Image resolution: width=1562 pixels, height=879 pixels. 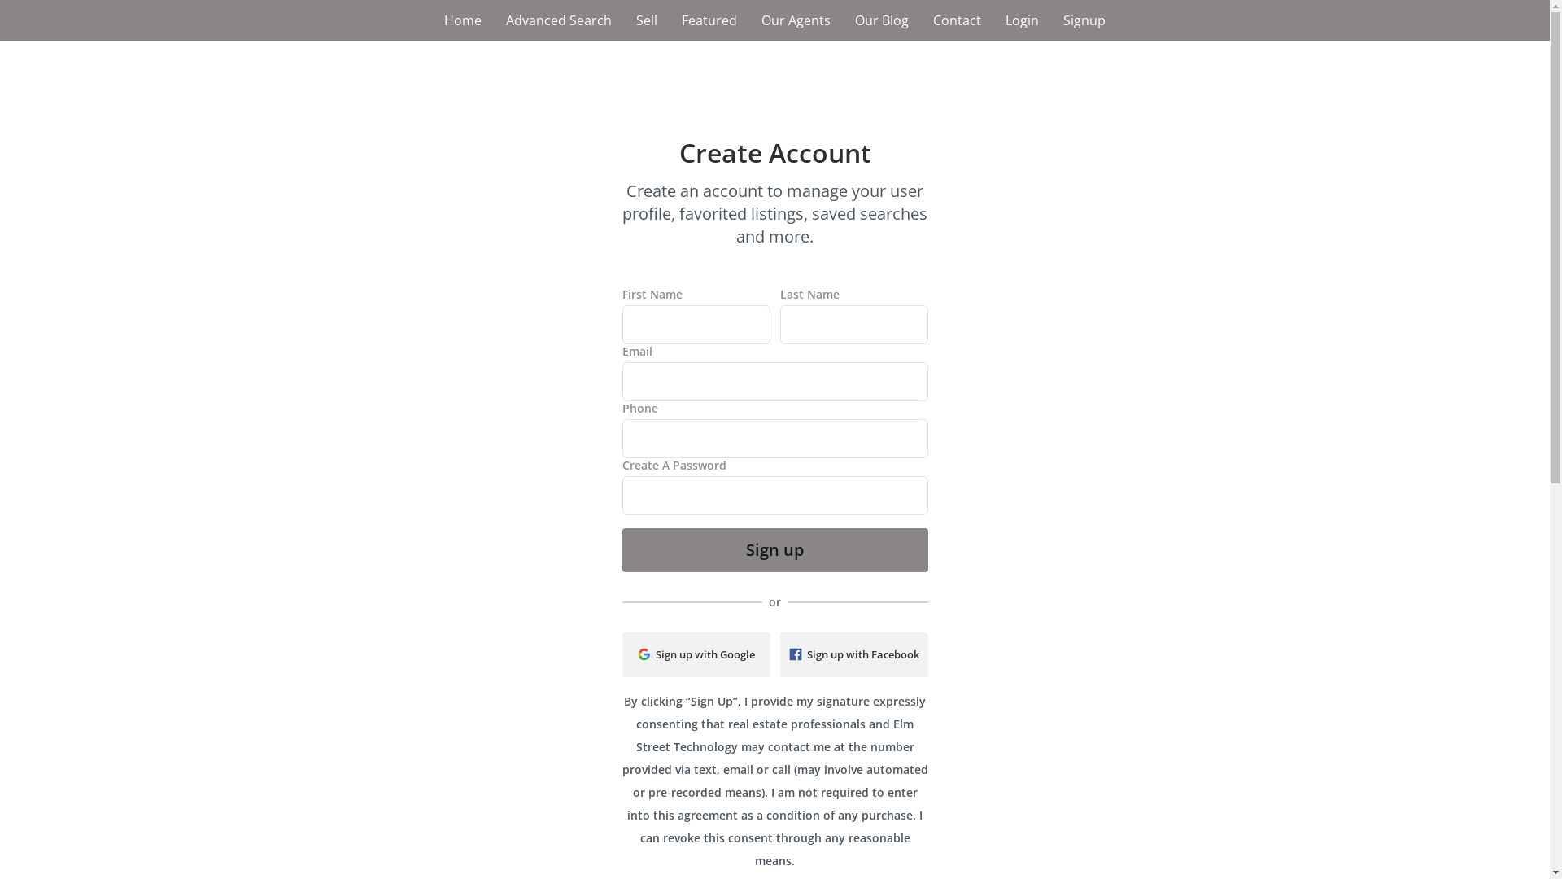 I want to click on 'Featured', so click(x=669, y=20).